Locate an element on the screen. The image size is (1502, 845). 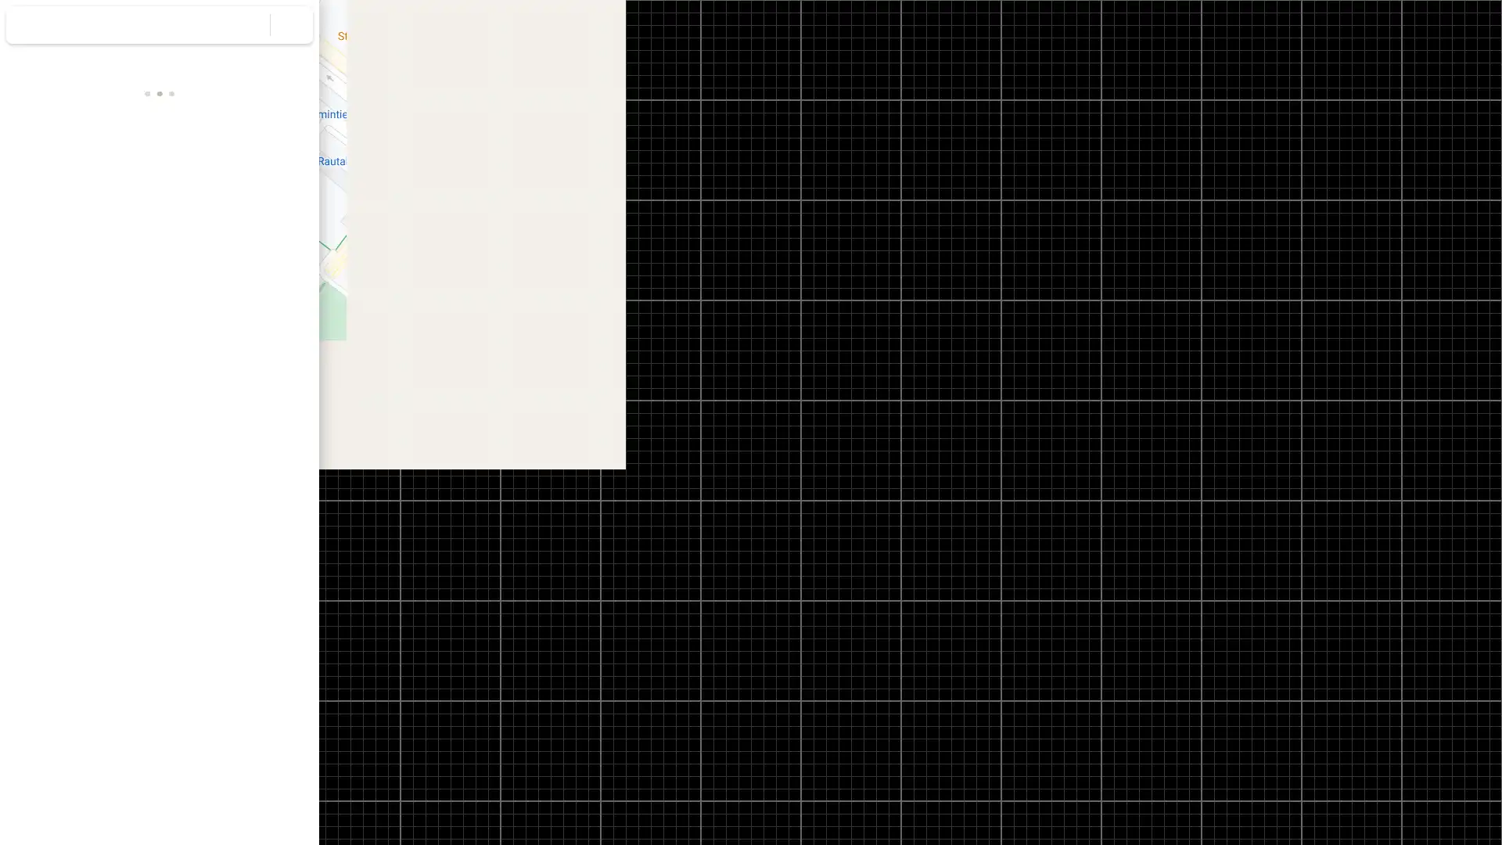
Directions to Elimaenkatu 27 is located at coordinates (45, 268).